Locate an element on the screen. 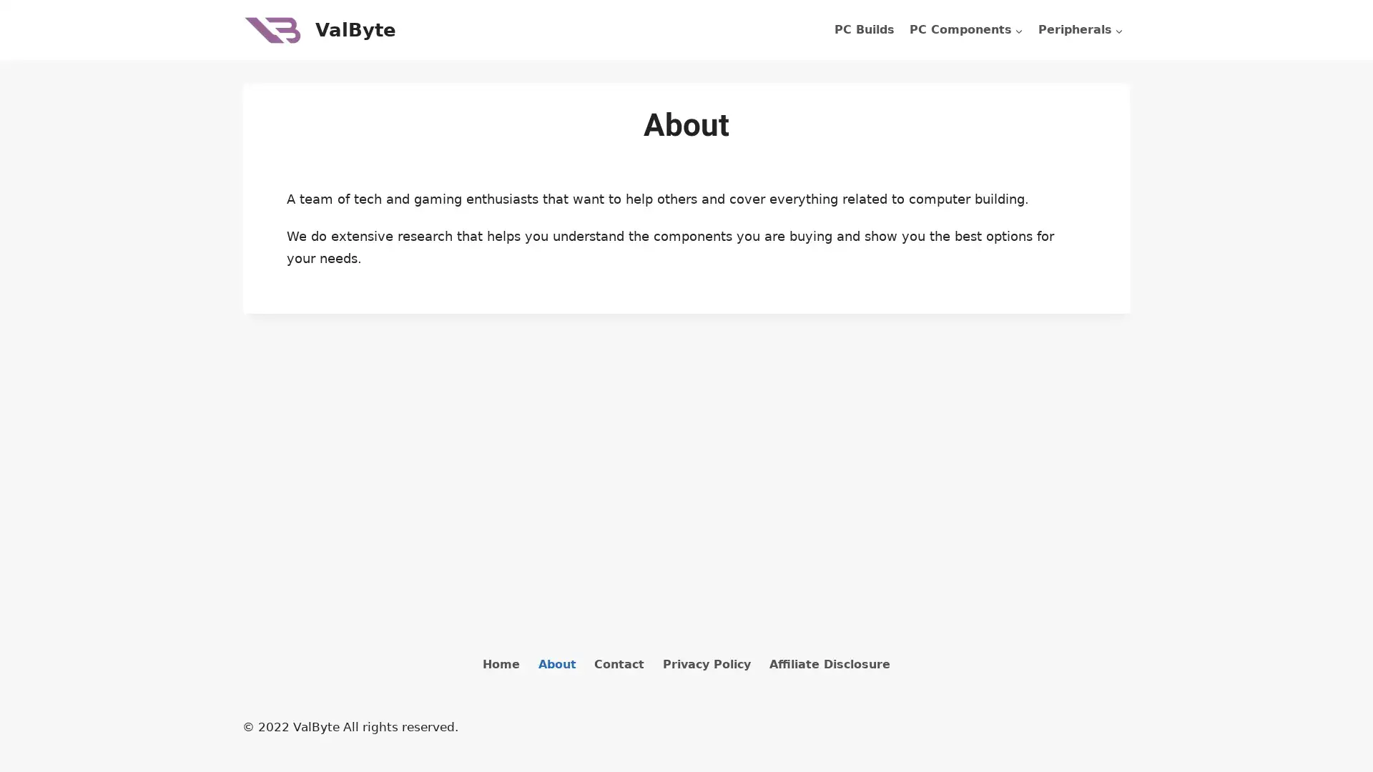 The height and width of the screenshot is (772, 1373). Expand child menu is located at coordinates (965, 30).